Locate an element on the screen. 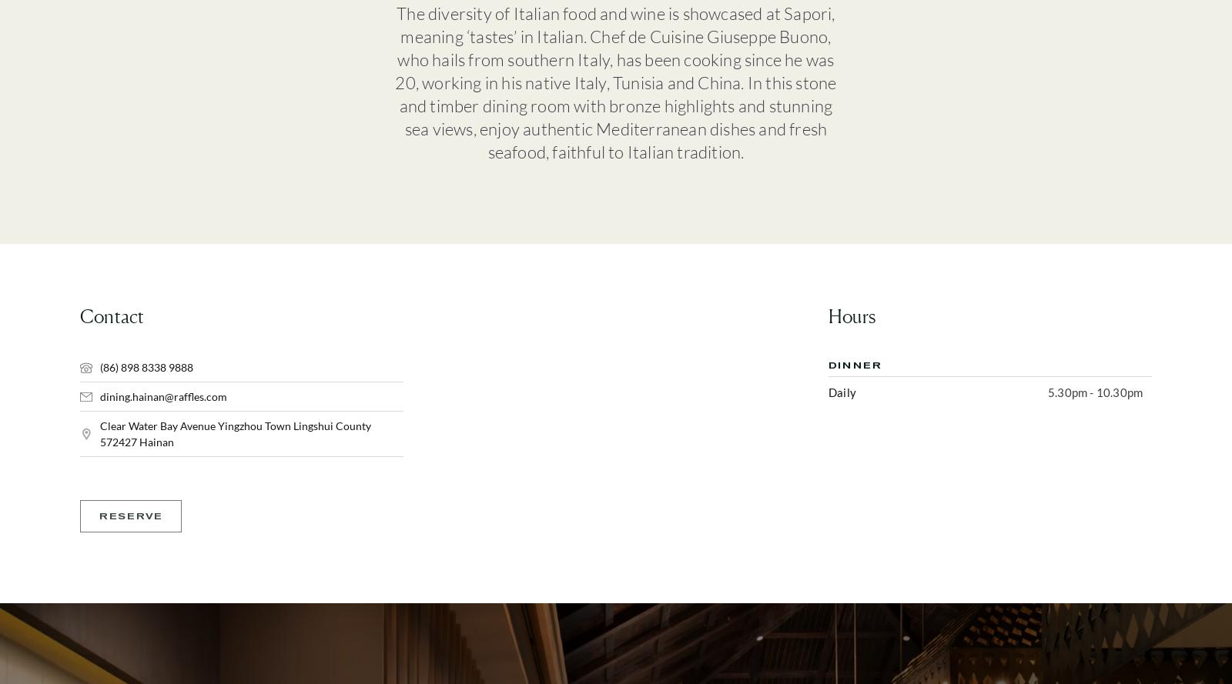  'Cookies' is located at coordinates (1003, 330).